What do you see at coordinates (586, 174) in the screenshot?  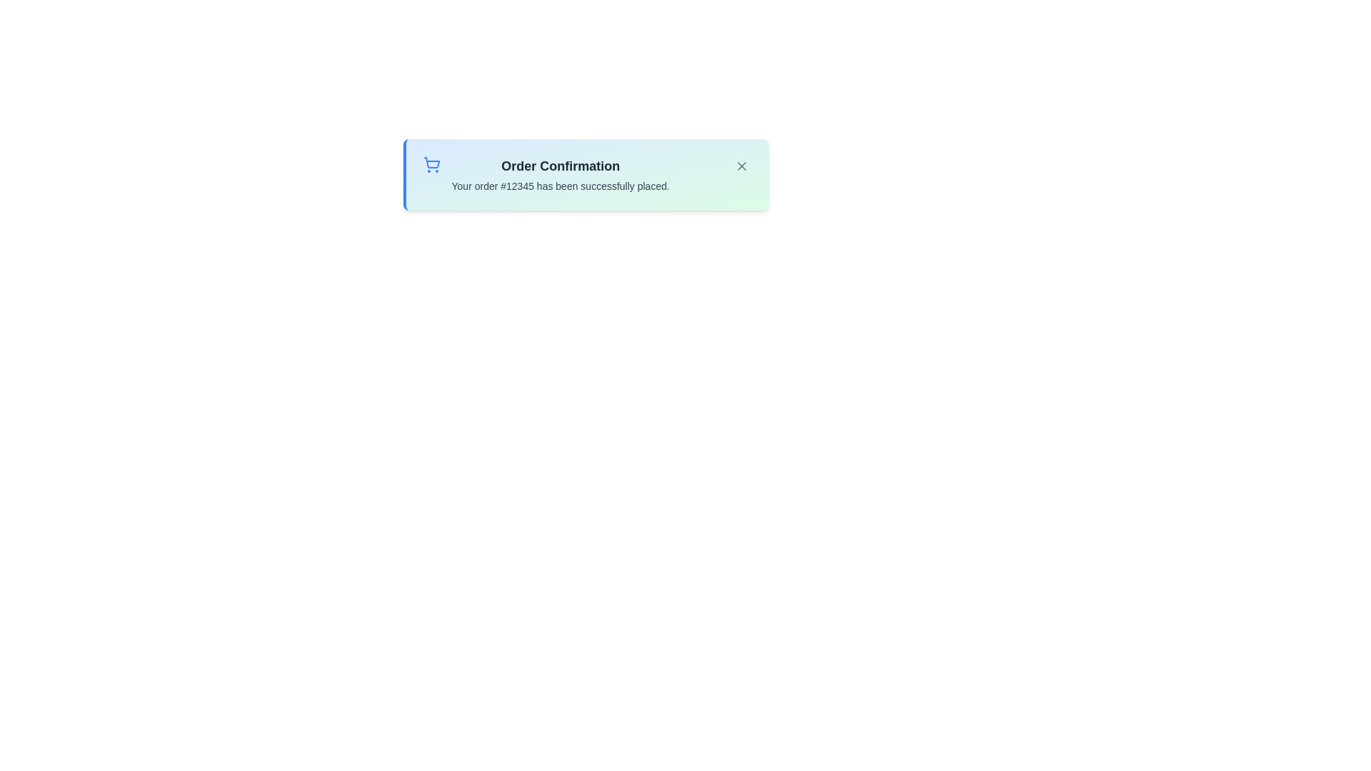 I see `the alert container to observe hover effects` at bounding box center [586, 174].